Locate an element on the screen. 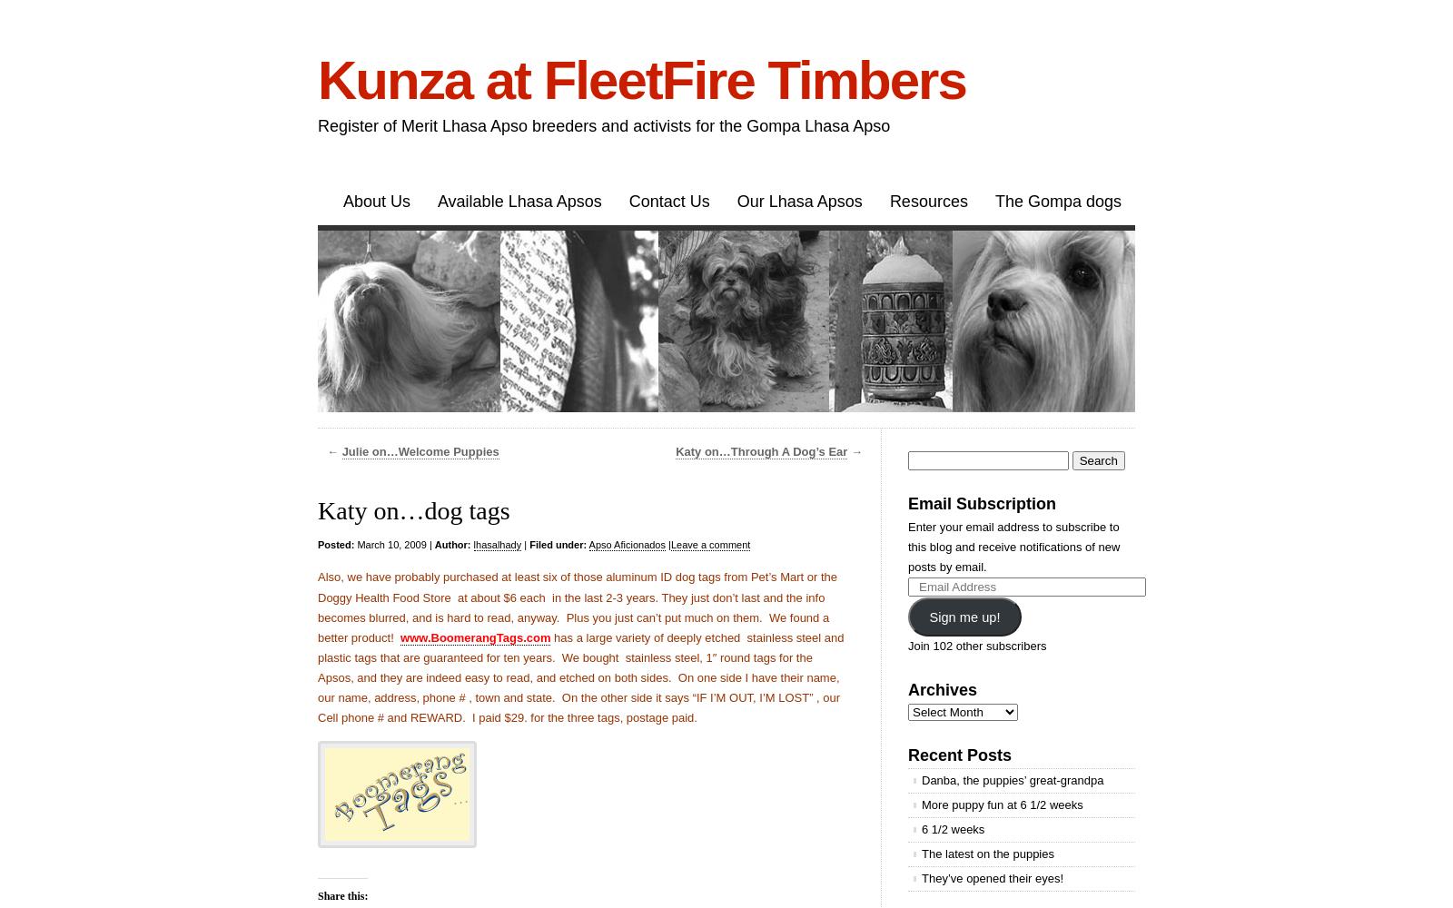 The width and height of the screenshot is (1453, 908). 'More puppy fun at 6 1/2 weeks' is located at coordinates (922, 804).